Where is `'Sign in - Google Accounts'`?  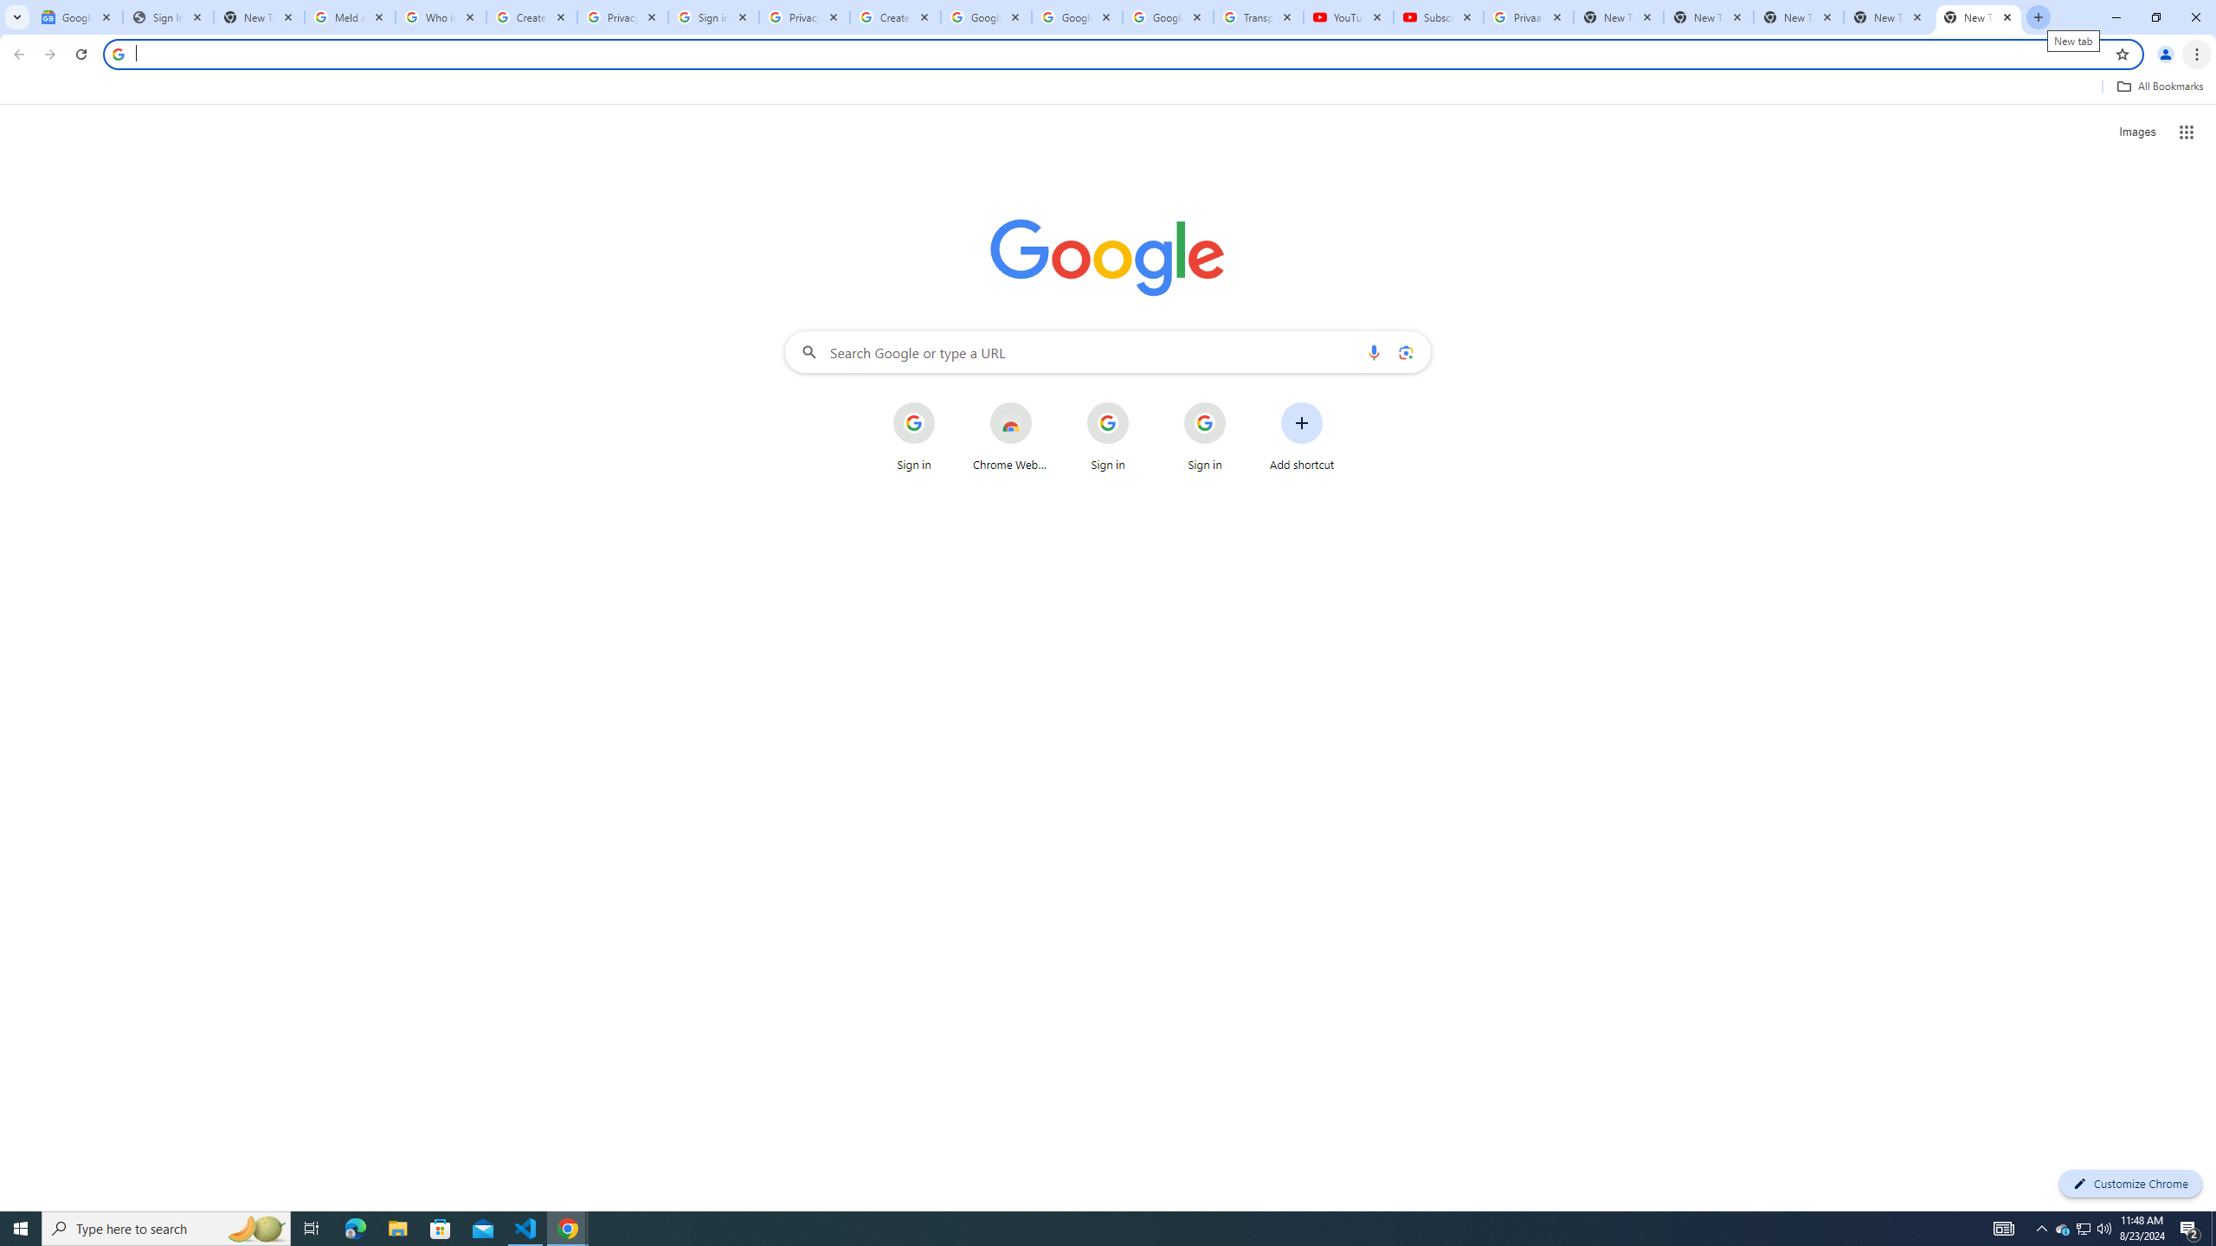
'Sign in - Google Accounts' is located at coordinates (712, 16).